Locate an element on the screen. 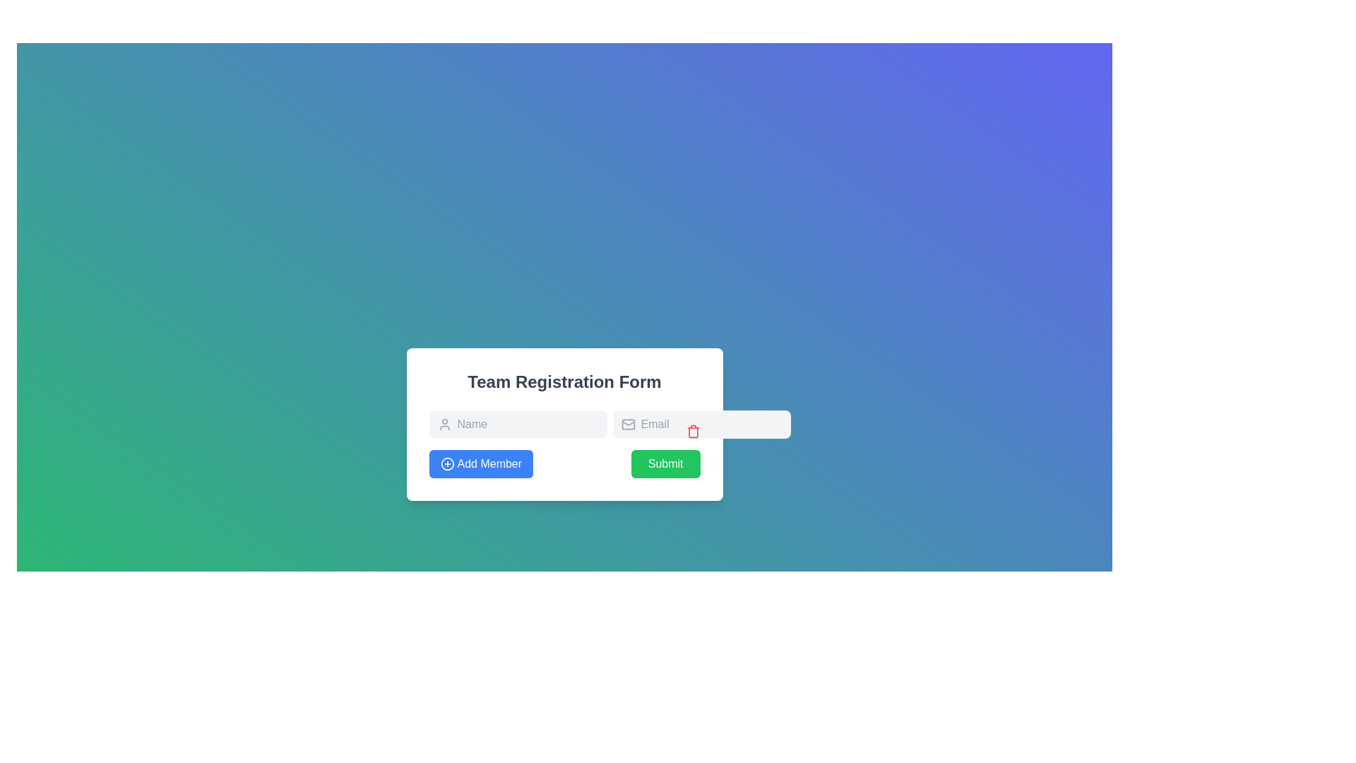 Image resolution: width=1356 pixels, height=763 pixels. the rectangular body part of the envelope icon within the mail icon adjacent to the 'Email' input field in the 'Team Registration Form' is located at coordinates (627, 424).